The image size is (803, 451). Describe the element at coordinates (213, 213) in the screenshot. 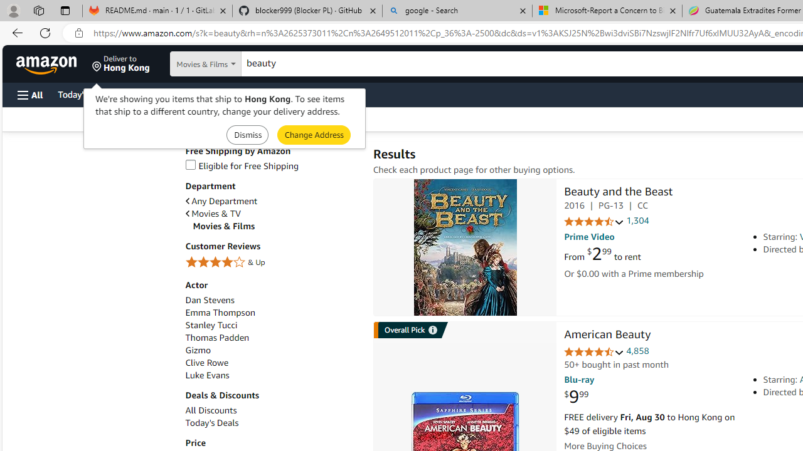

I see `'Movies & TV'` at that location.